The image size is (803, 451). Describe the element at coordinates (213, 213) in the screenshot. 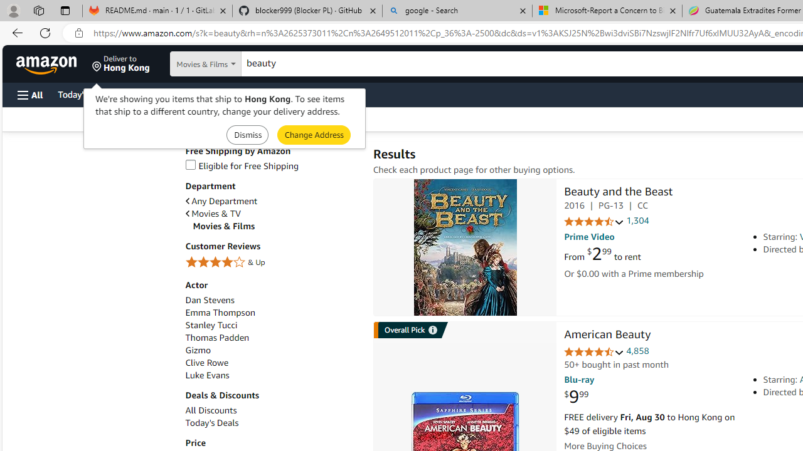

I see `'Movies & TV'` at that location.